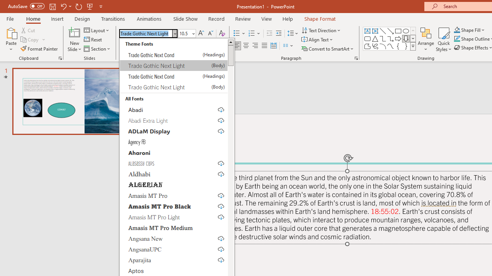  I want to click on 'Font', so click(146, 33).